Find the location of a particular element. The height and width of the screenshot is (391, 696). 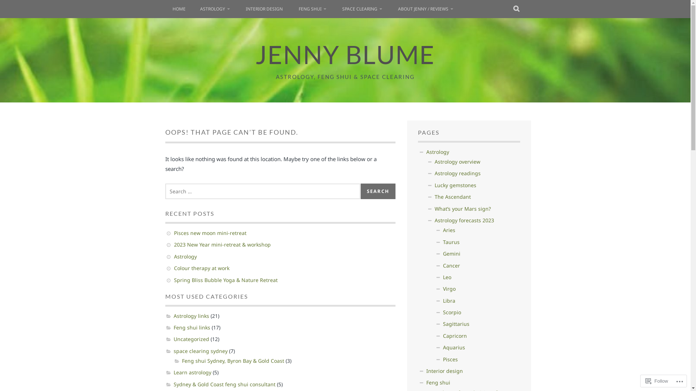

'JENNY BLUME' is located at coordinates (345, 54).